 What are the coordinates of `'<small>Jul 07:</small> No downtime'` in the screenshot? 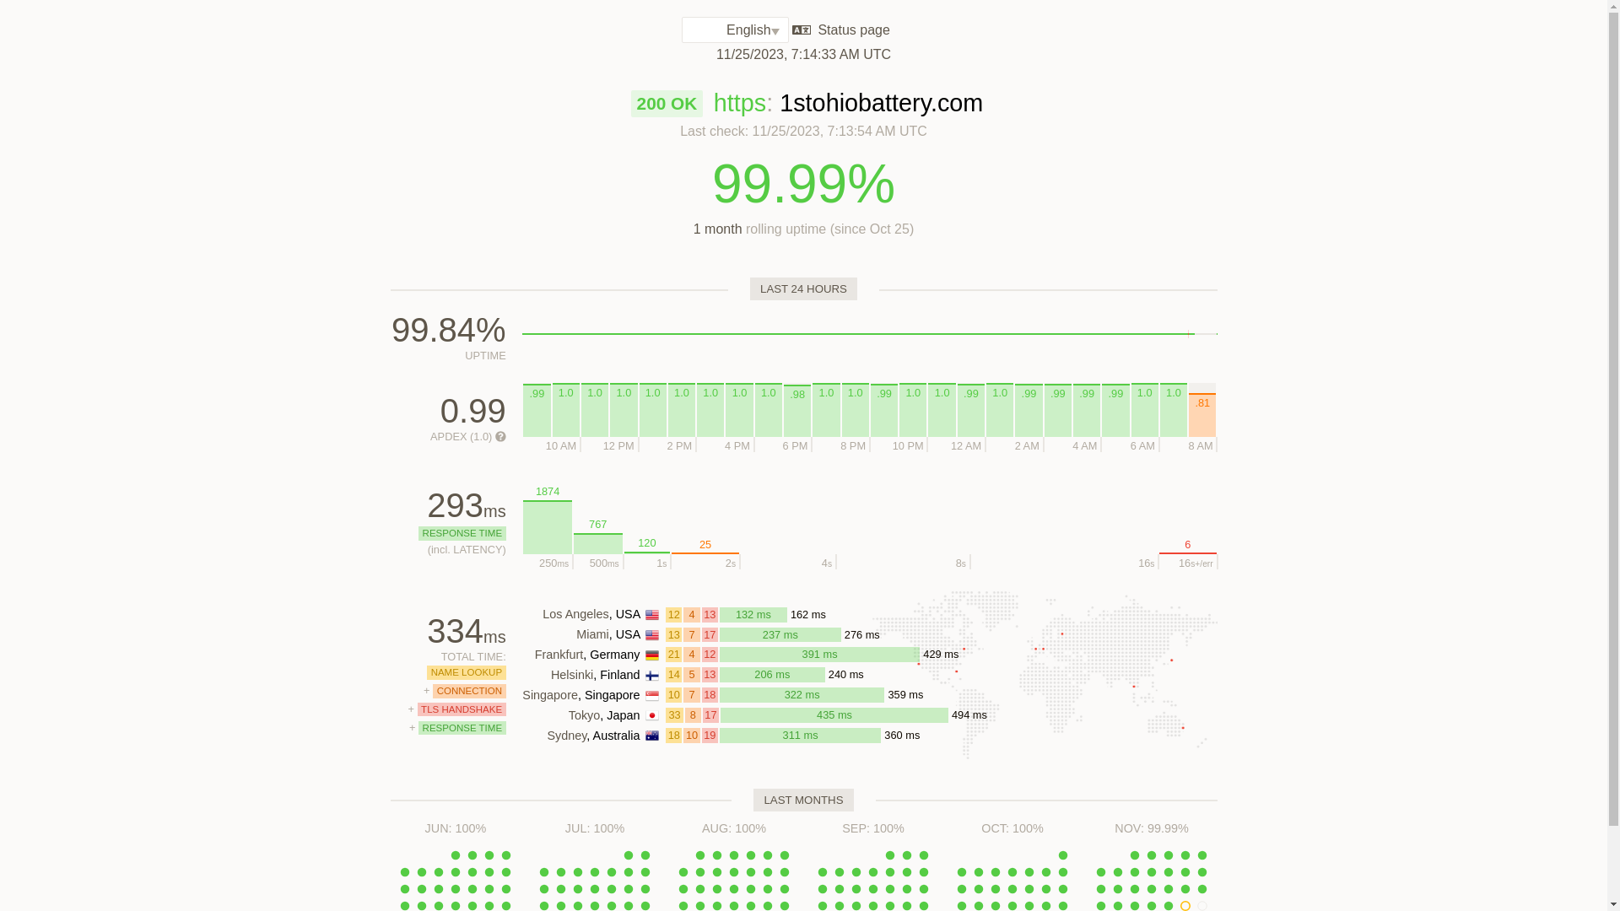 It's located at (610, 871).